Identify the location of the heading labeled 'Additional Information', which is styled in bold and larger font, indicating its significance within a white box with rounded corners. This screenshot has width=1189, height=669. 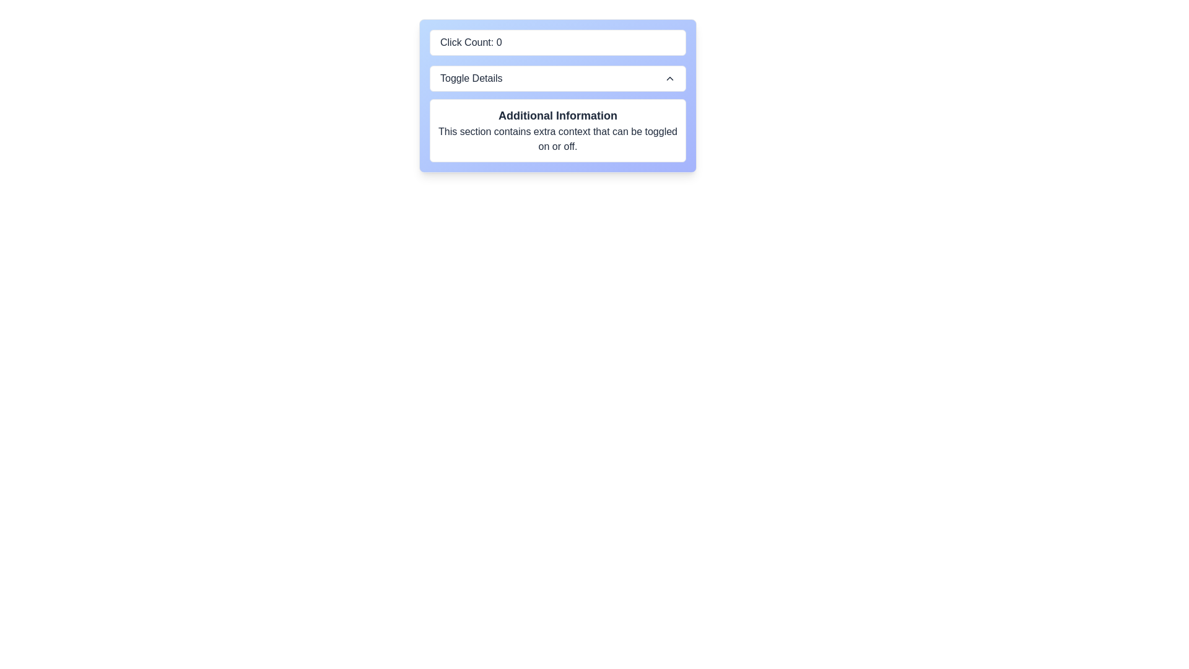
(557, 115).